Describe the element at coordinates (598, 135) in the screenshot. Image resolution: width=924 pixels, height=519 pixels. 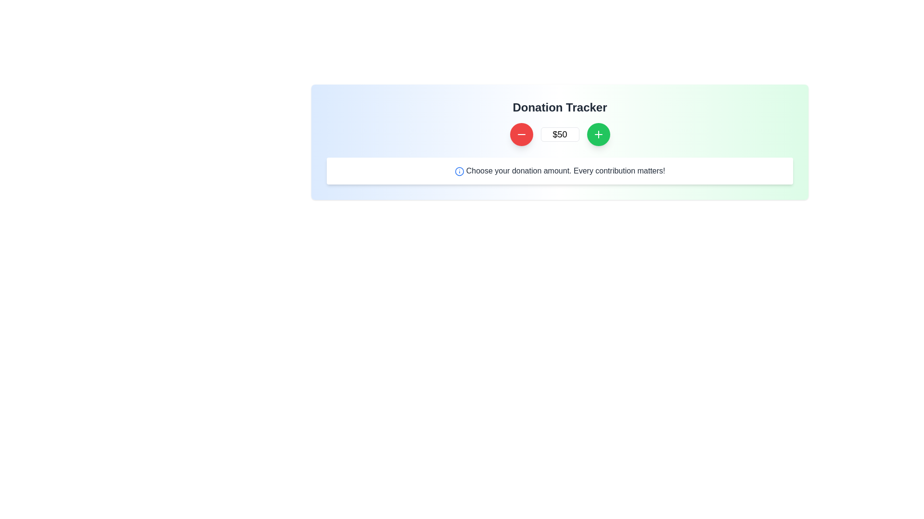
I see `the green circular button with a white plus sign icon located to the right of the '$50' text input field` at that location.